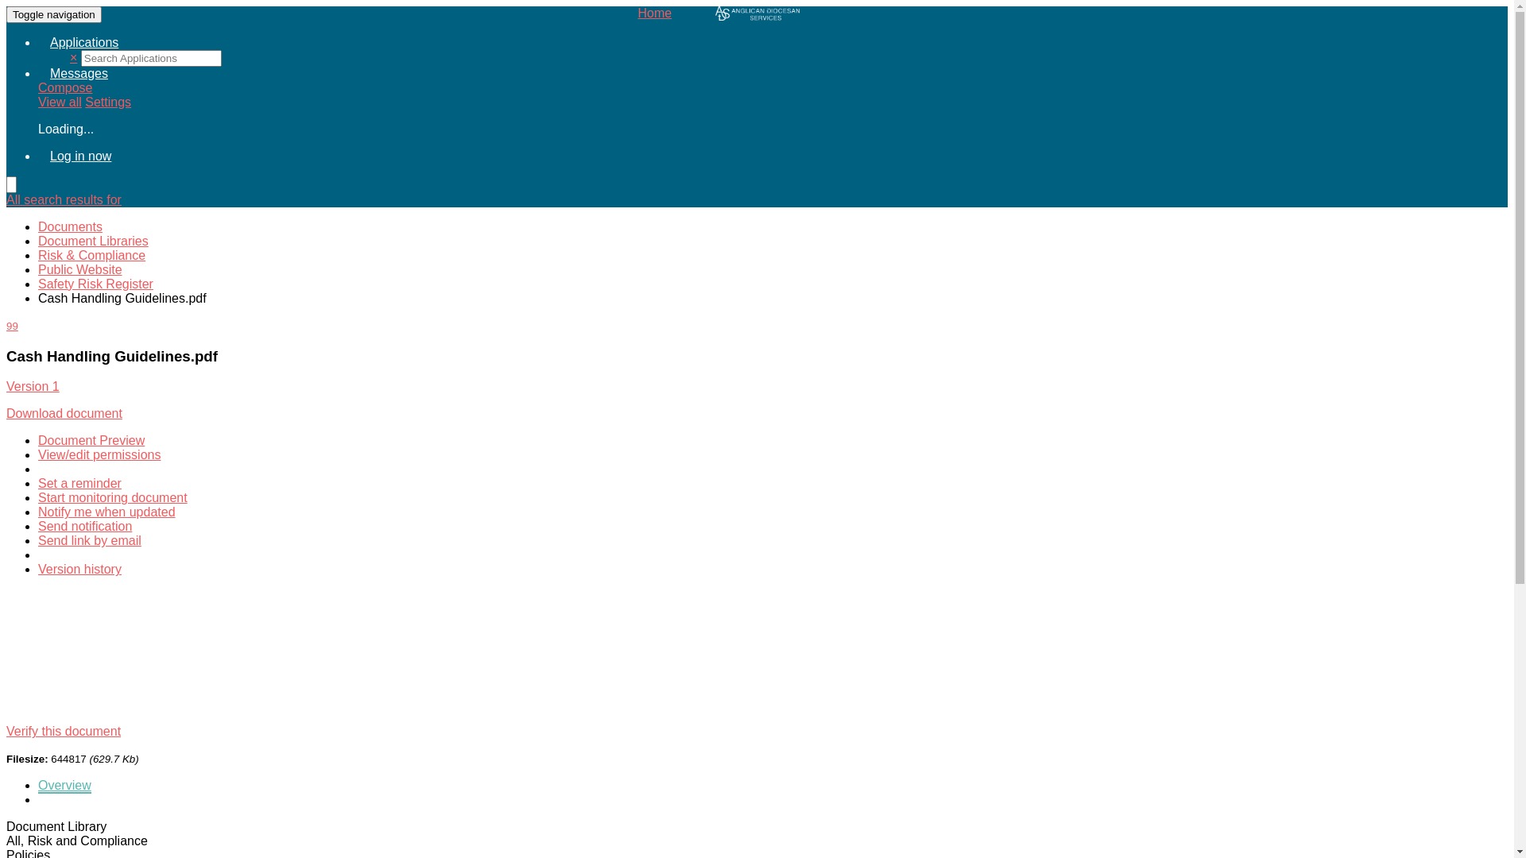 Image resolution: width=1526 pixels, height=858 pixels. Describe the element at coordinates (83, 102) in the screenshot. I see `'Settings'` at that location.